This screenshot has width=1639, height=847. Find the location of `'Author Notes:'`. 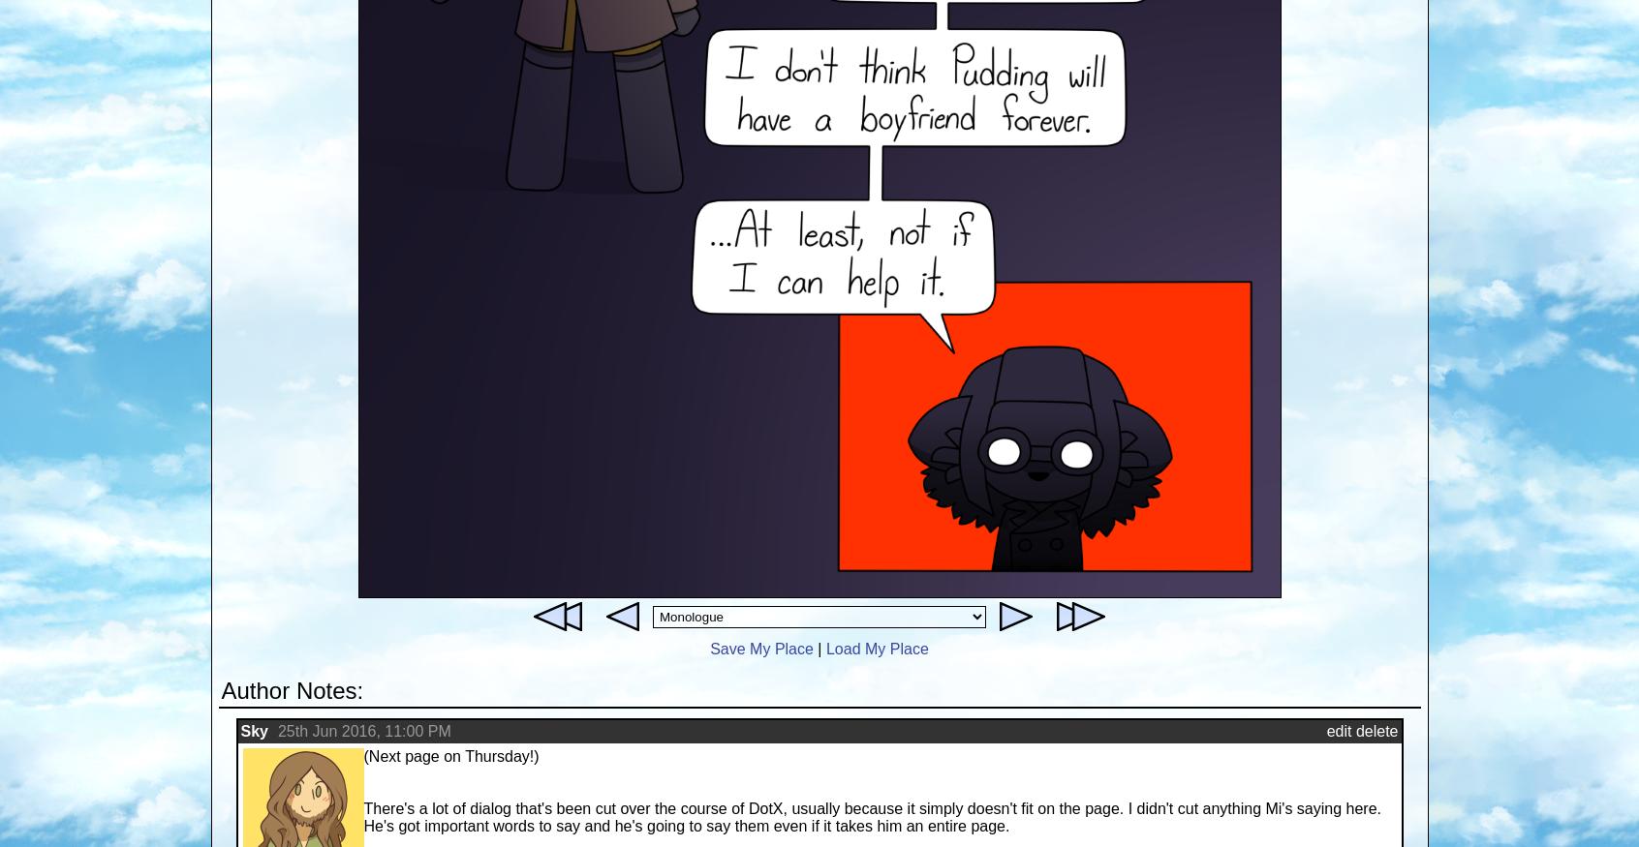

'Author Notes:' is located at coordinates (221, 690).